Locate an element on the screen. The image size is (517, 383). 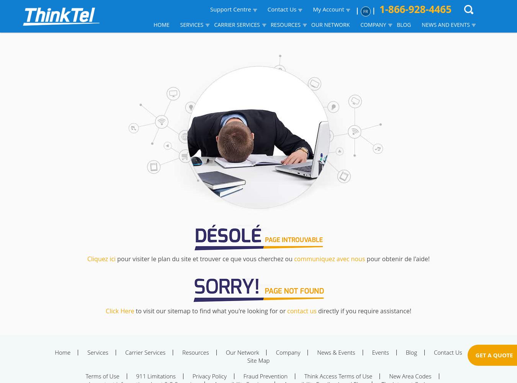
'pour obtenir de l'aide!' is located at coordinates (397, 259).